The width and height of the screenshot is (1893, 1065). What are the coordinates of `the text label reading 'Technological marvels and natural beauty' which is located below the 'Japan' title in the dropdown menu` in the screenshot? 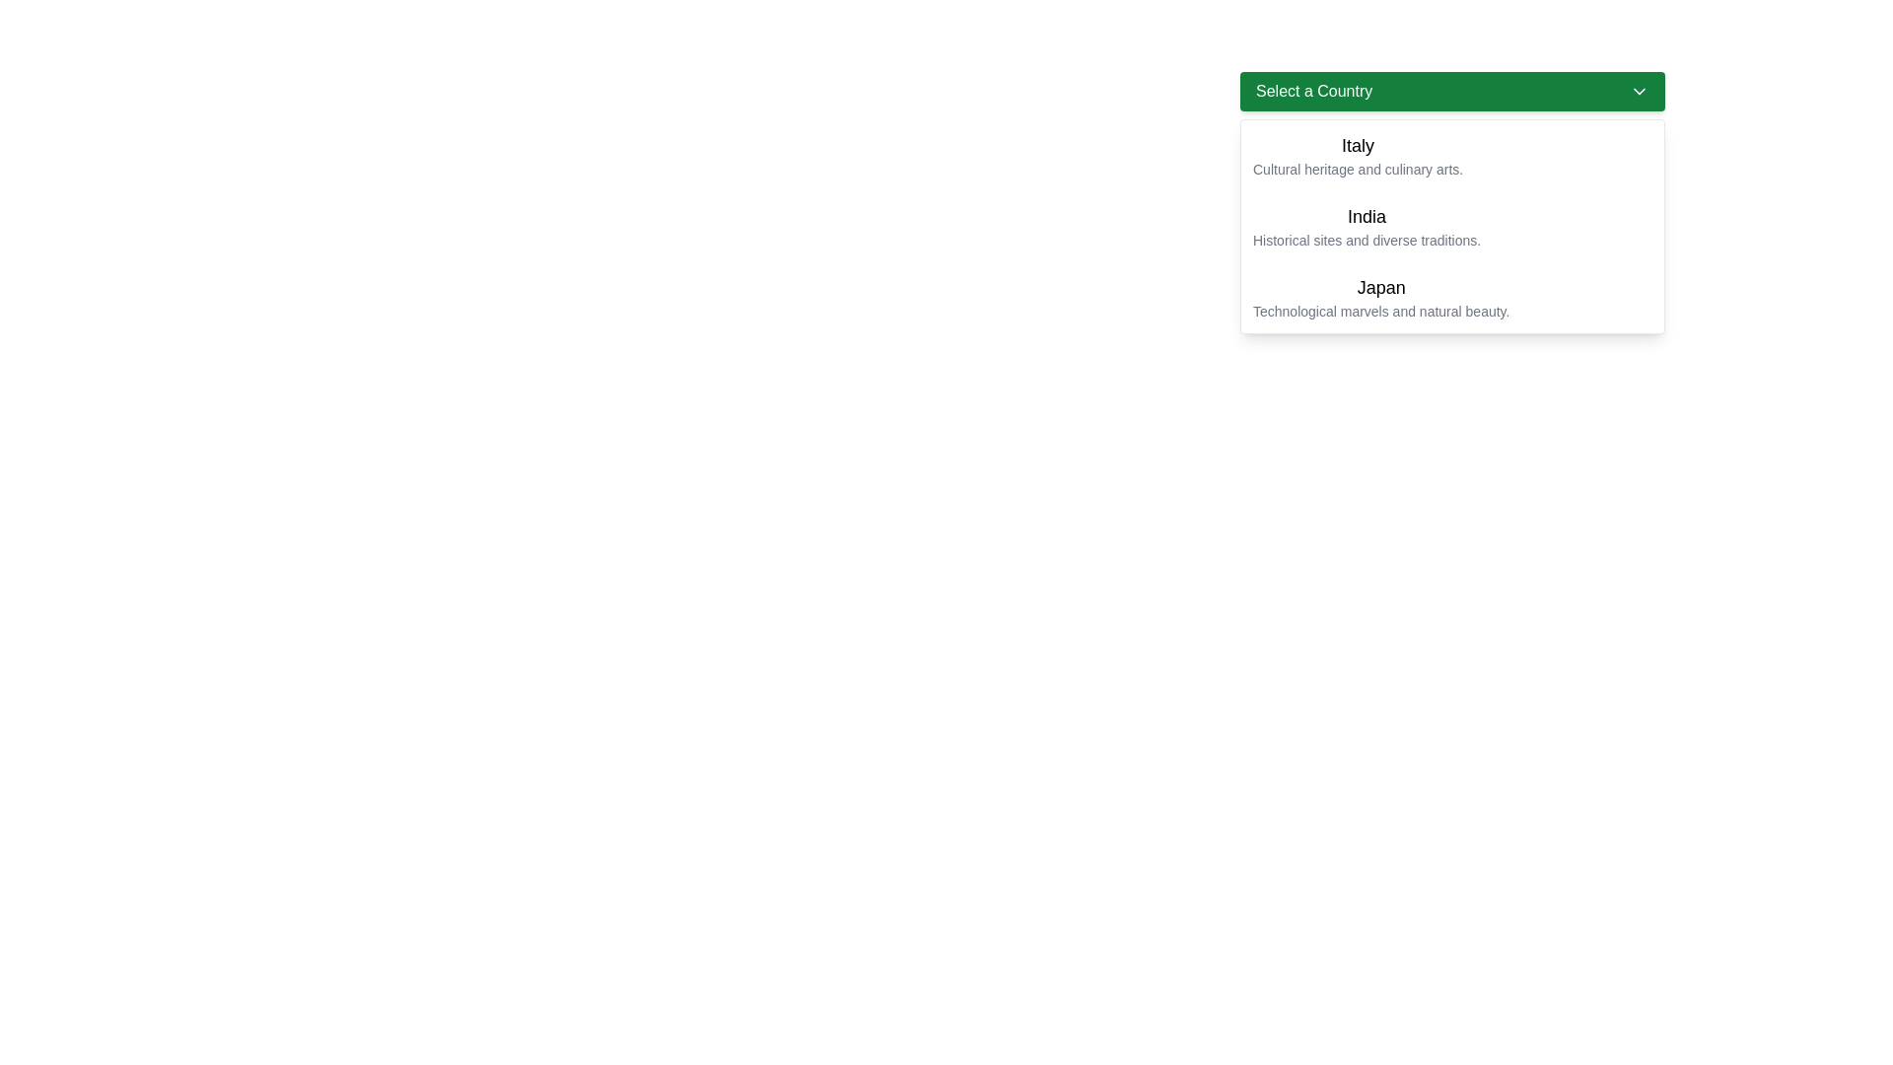 It's located at (1380, 311).